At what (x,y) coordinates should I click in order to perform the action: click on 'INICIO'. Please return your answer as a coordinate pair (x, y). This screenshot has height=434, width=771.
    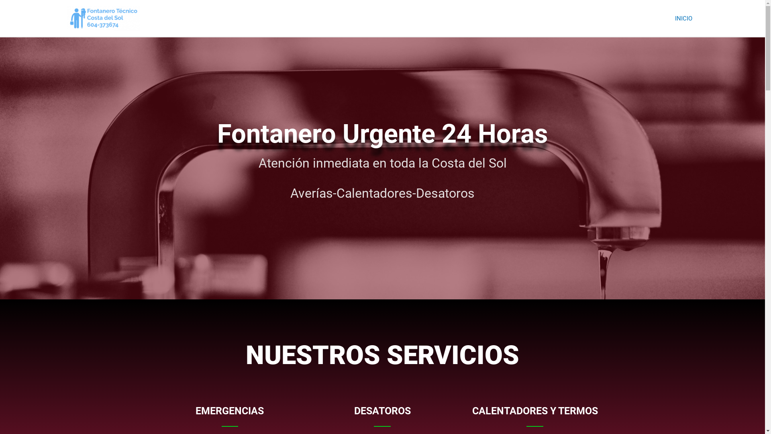
    Looking at the image, I should click on (683, 18).